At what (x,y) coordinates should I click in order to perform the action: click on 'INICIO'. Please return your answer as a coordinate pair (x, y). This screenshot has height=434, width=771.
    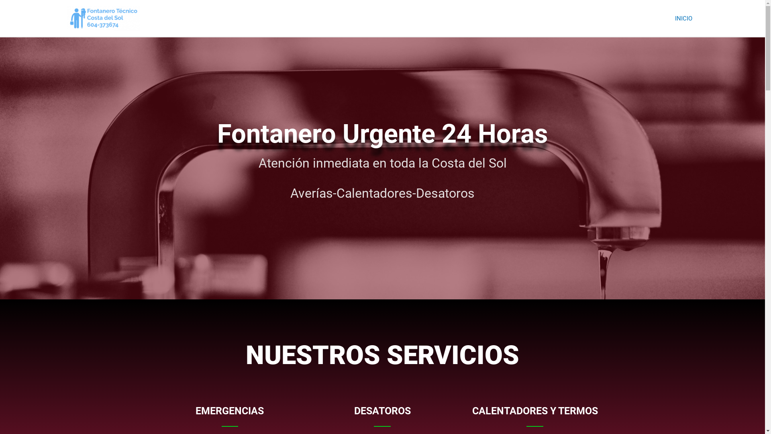
    Looking at the image, I should click on (683, 18).